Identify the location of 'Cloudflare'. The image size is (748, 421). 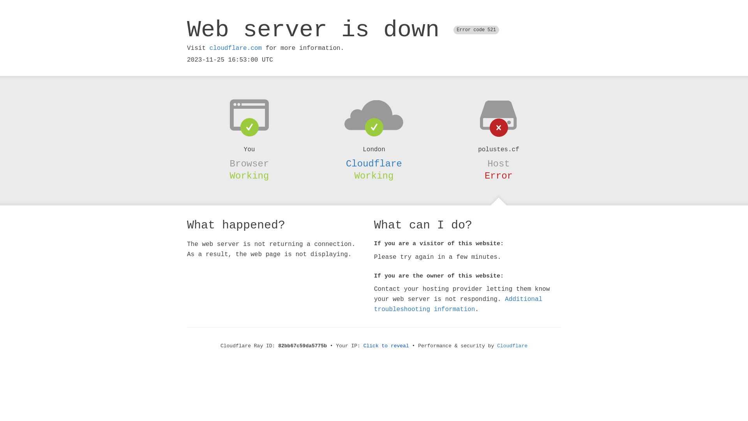
(374, 163).